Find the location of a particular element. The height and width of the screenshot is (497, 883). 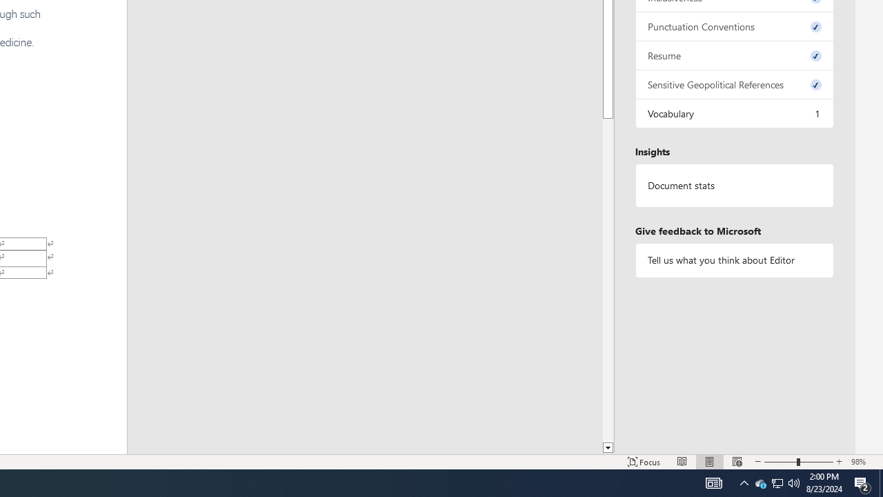

'Resume, 0 issues. Press space or enter to review items.' is located at coordinates (733, 55).